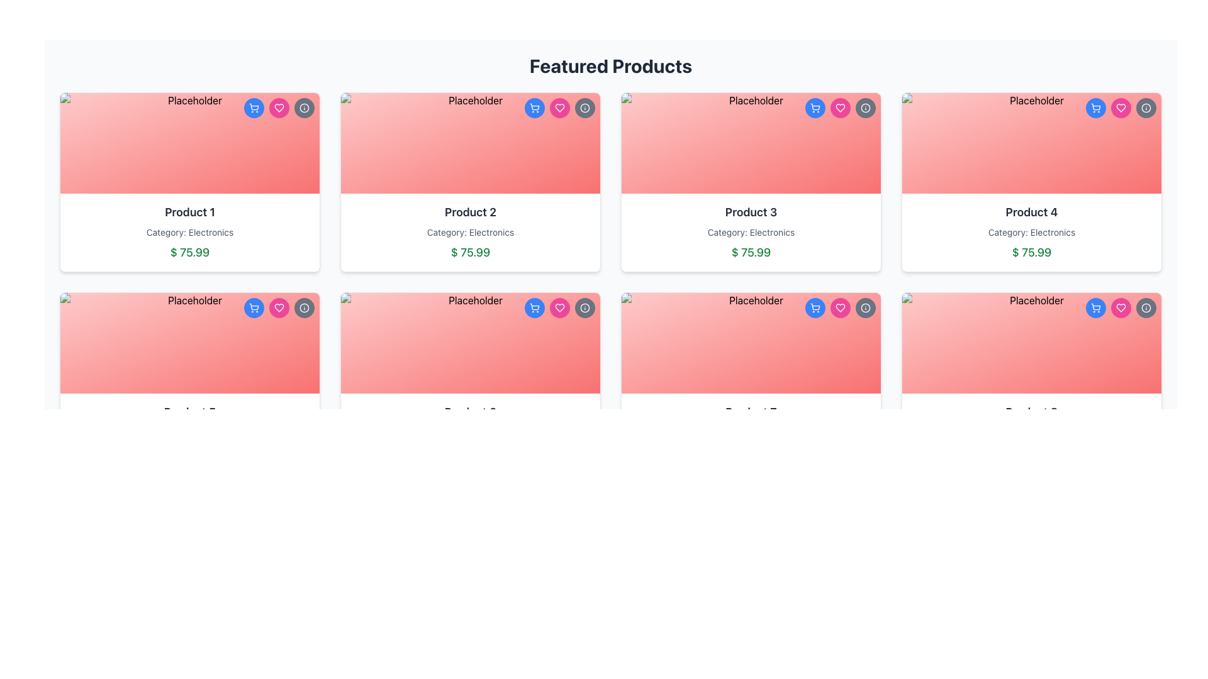 The height and width of the screenshot is (679, 1208). What do you see at coordinates (559, 108) in the screenshot?
I see `the icon button in the top right section of the 'Product 2' card` at bounding box center [559, 108].